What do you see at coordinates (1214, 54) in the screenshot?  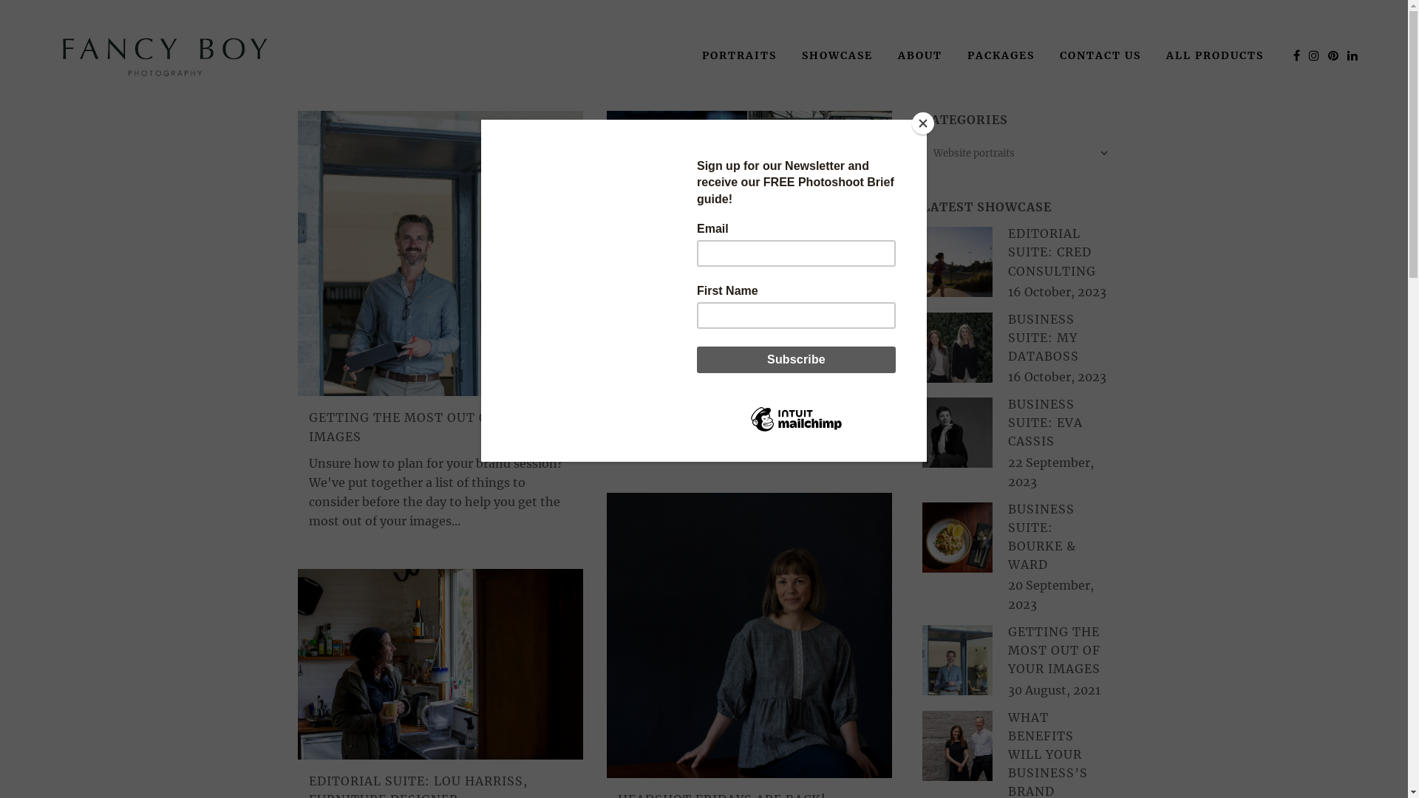 I see `'ALL PRODUCTS'` at bounding box center [1214, 54].